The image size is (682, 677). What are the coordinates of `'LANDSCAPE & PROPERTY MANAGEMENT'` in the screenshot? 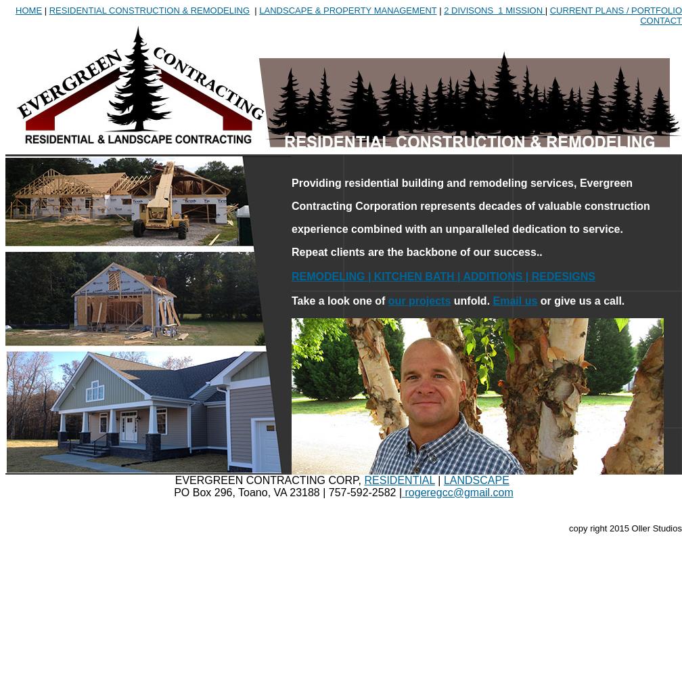 It's located at (347, 10).